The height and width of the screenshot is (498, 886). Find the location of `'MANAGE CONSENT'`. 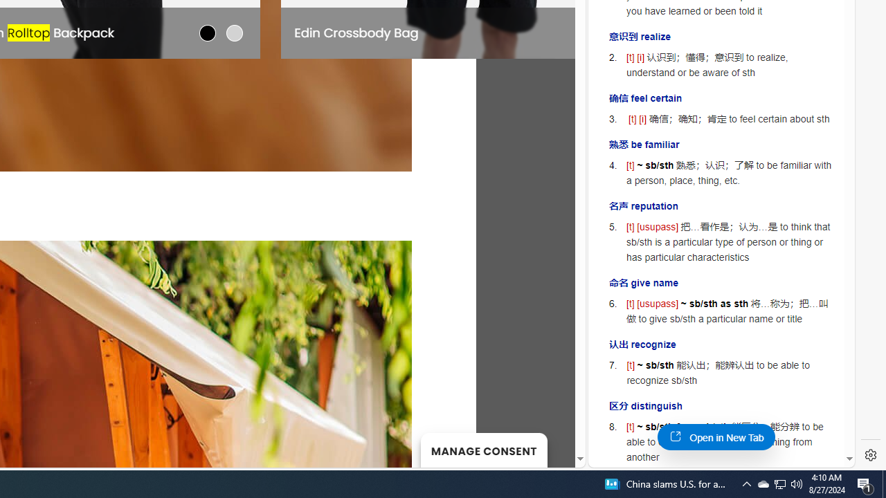

'MANAGE CONSENT' is located at coordinates (483, 450).